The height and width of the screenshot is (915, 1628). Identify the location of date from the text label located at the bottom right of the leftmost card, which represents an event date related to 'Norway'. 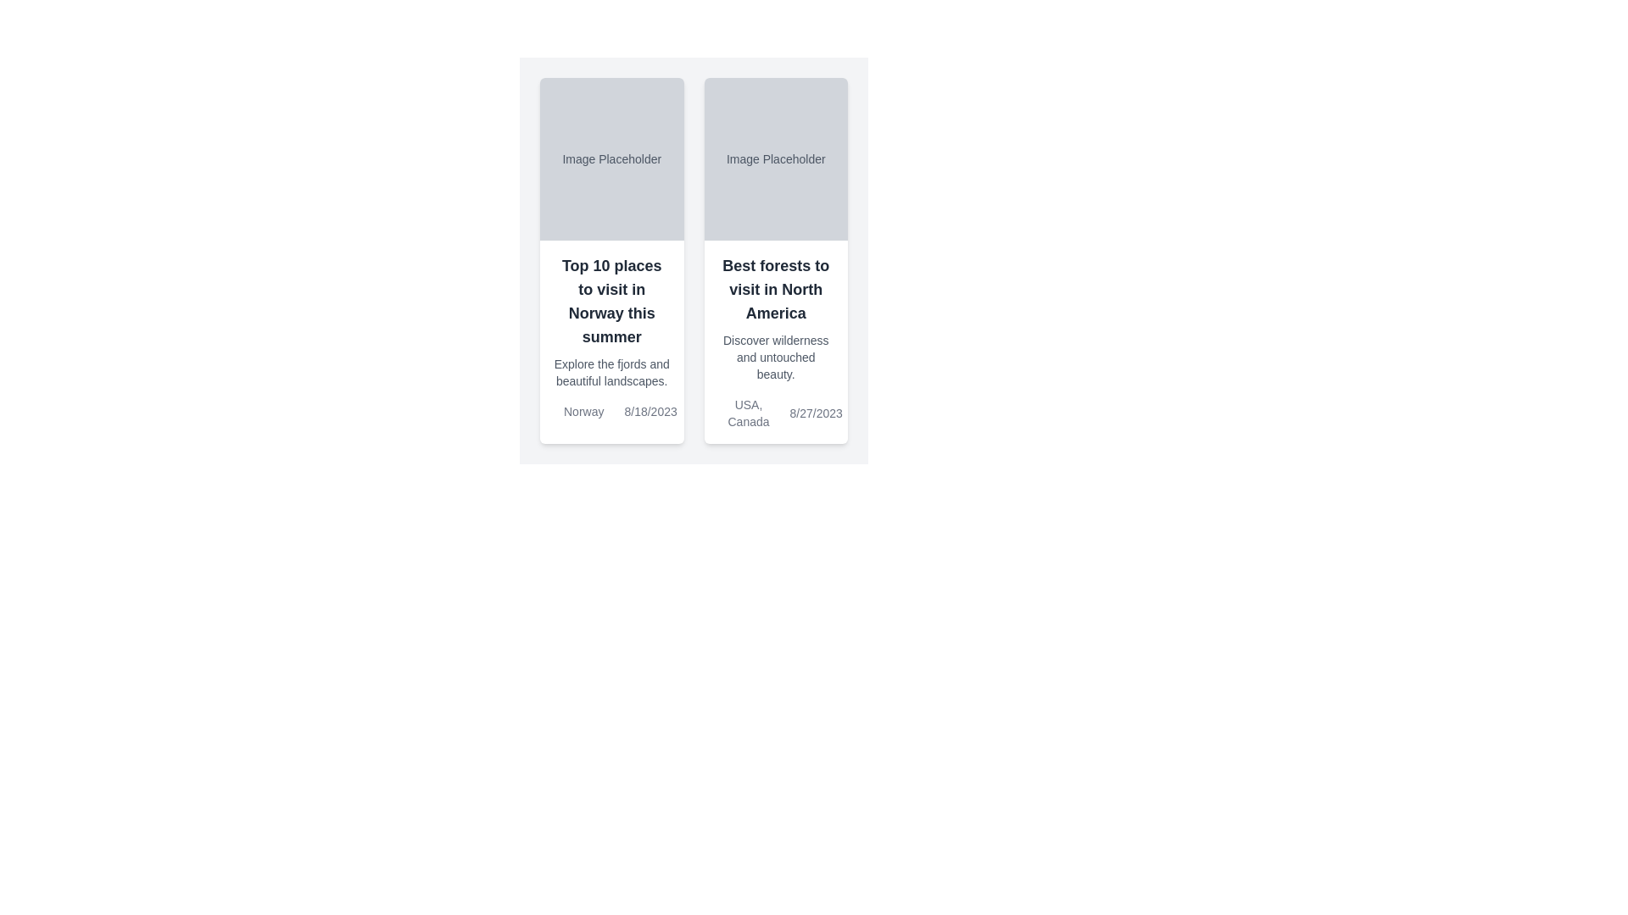
(650, 412).